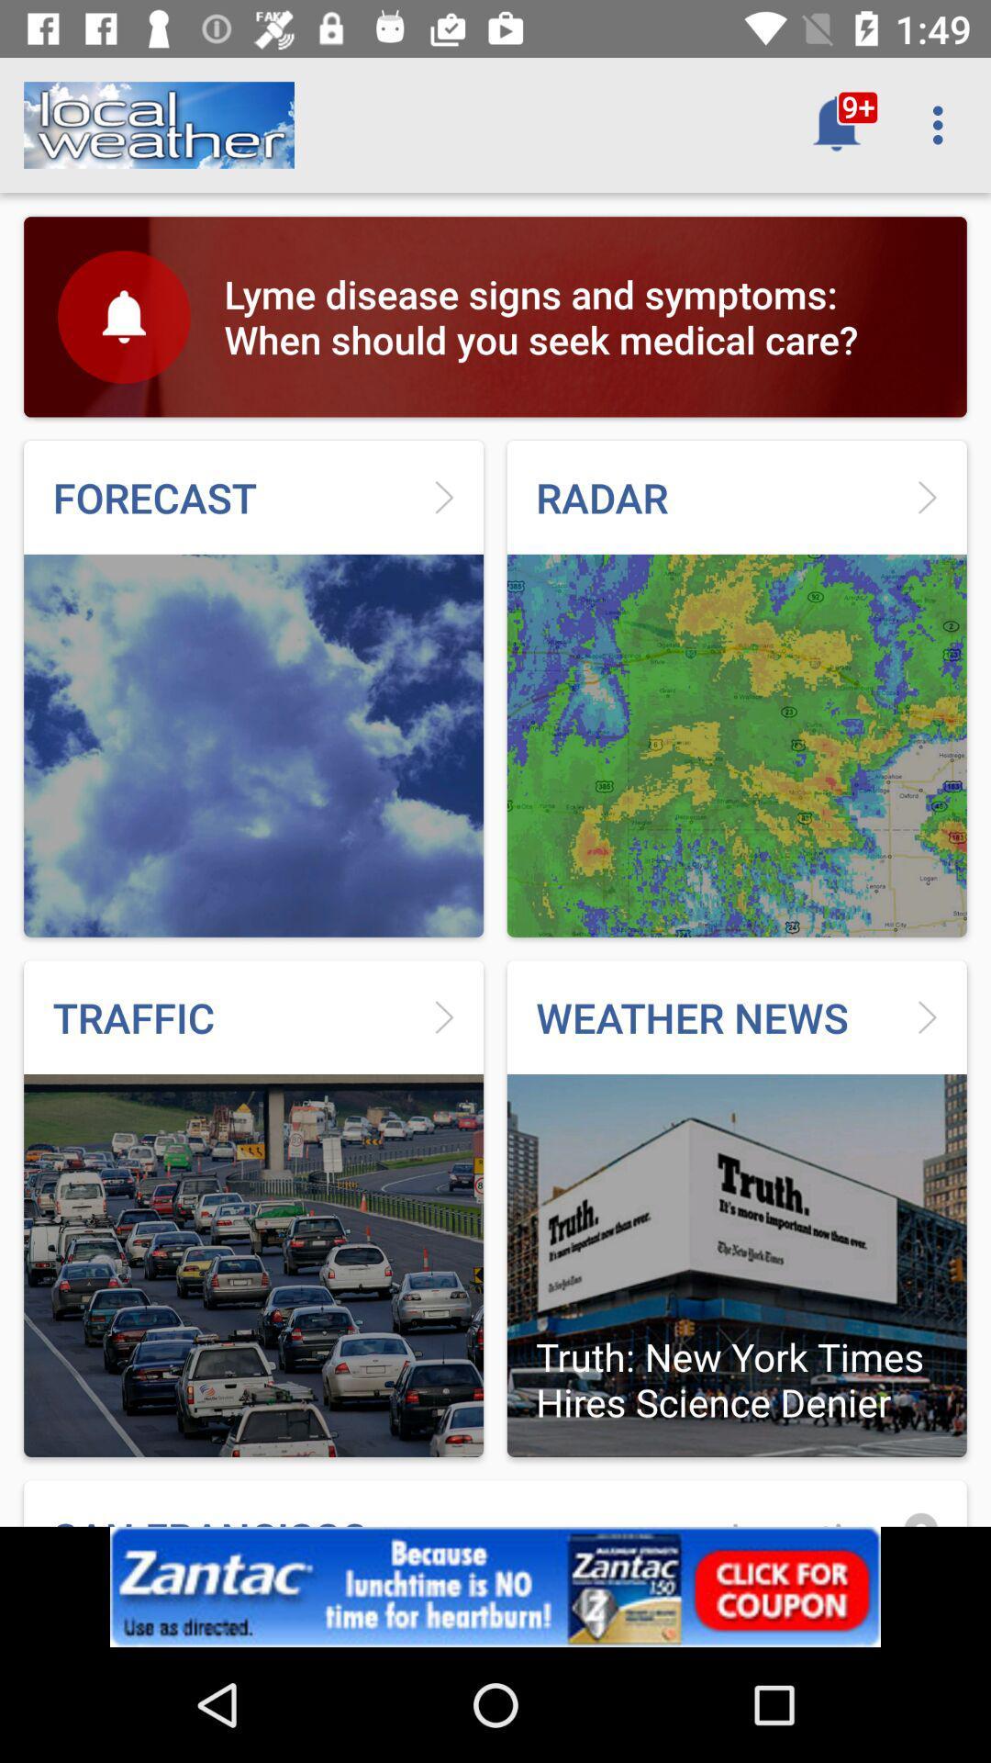 The width and height of the screenshot is (991, 1763). What do you see at coordinates (495, 124) in the screenshot?
I see `improper tagging` at bounding box center [495, 124].